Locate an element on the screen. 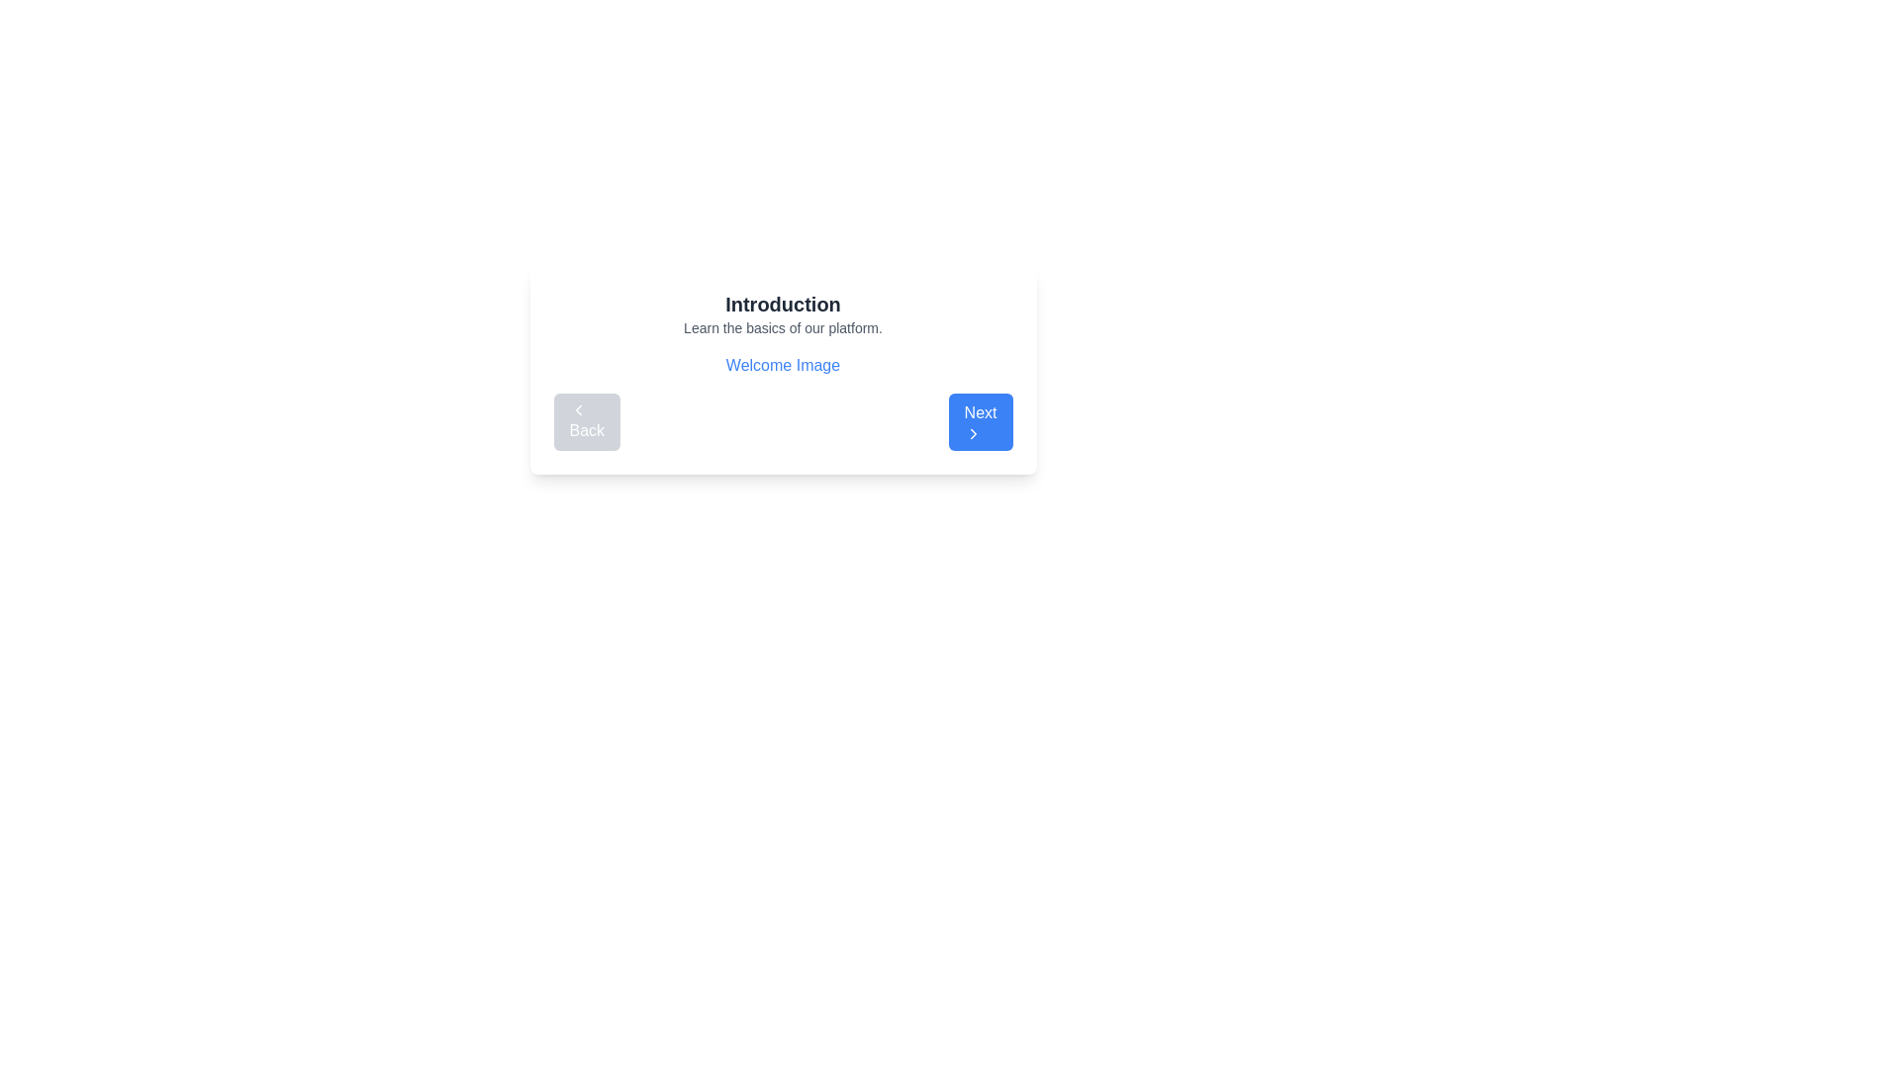 The width and height of the screenshot is (1900, 1068). the rightward-facing chevron icon within the 'Next' button is located at coordinates (973, 433).